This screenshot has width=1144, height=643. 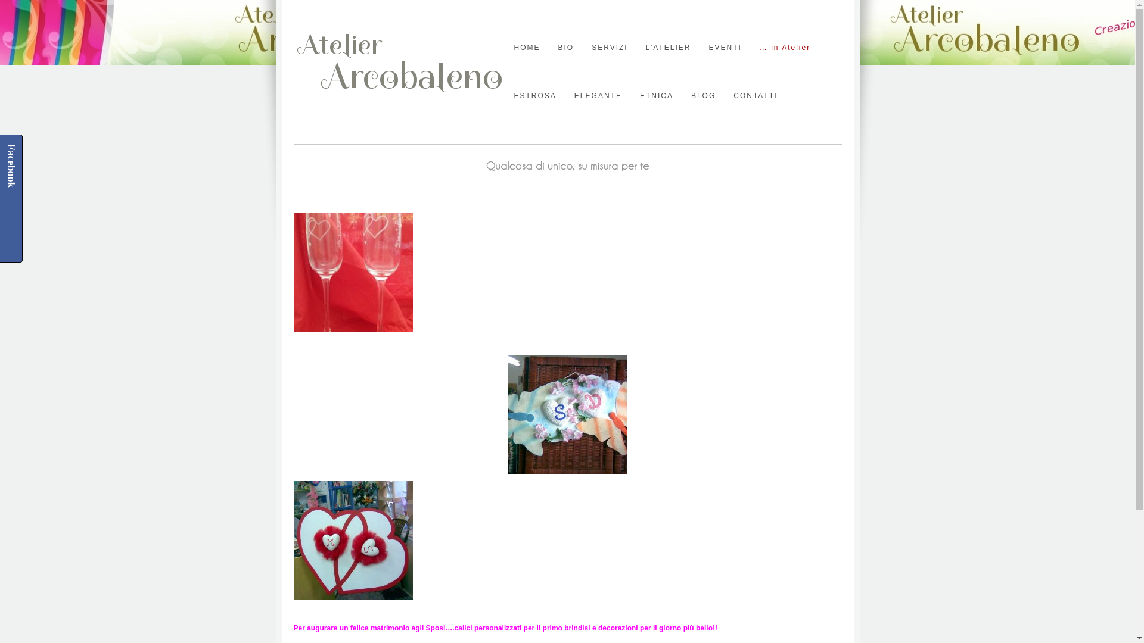 What do you see at coordinates (534, 95) in the screenshot?
I see `'ESTROSA'` at bounding box center [534, 95].